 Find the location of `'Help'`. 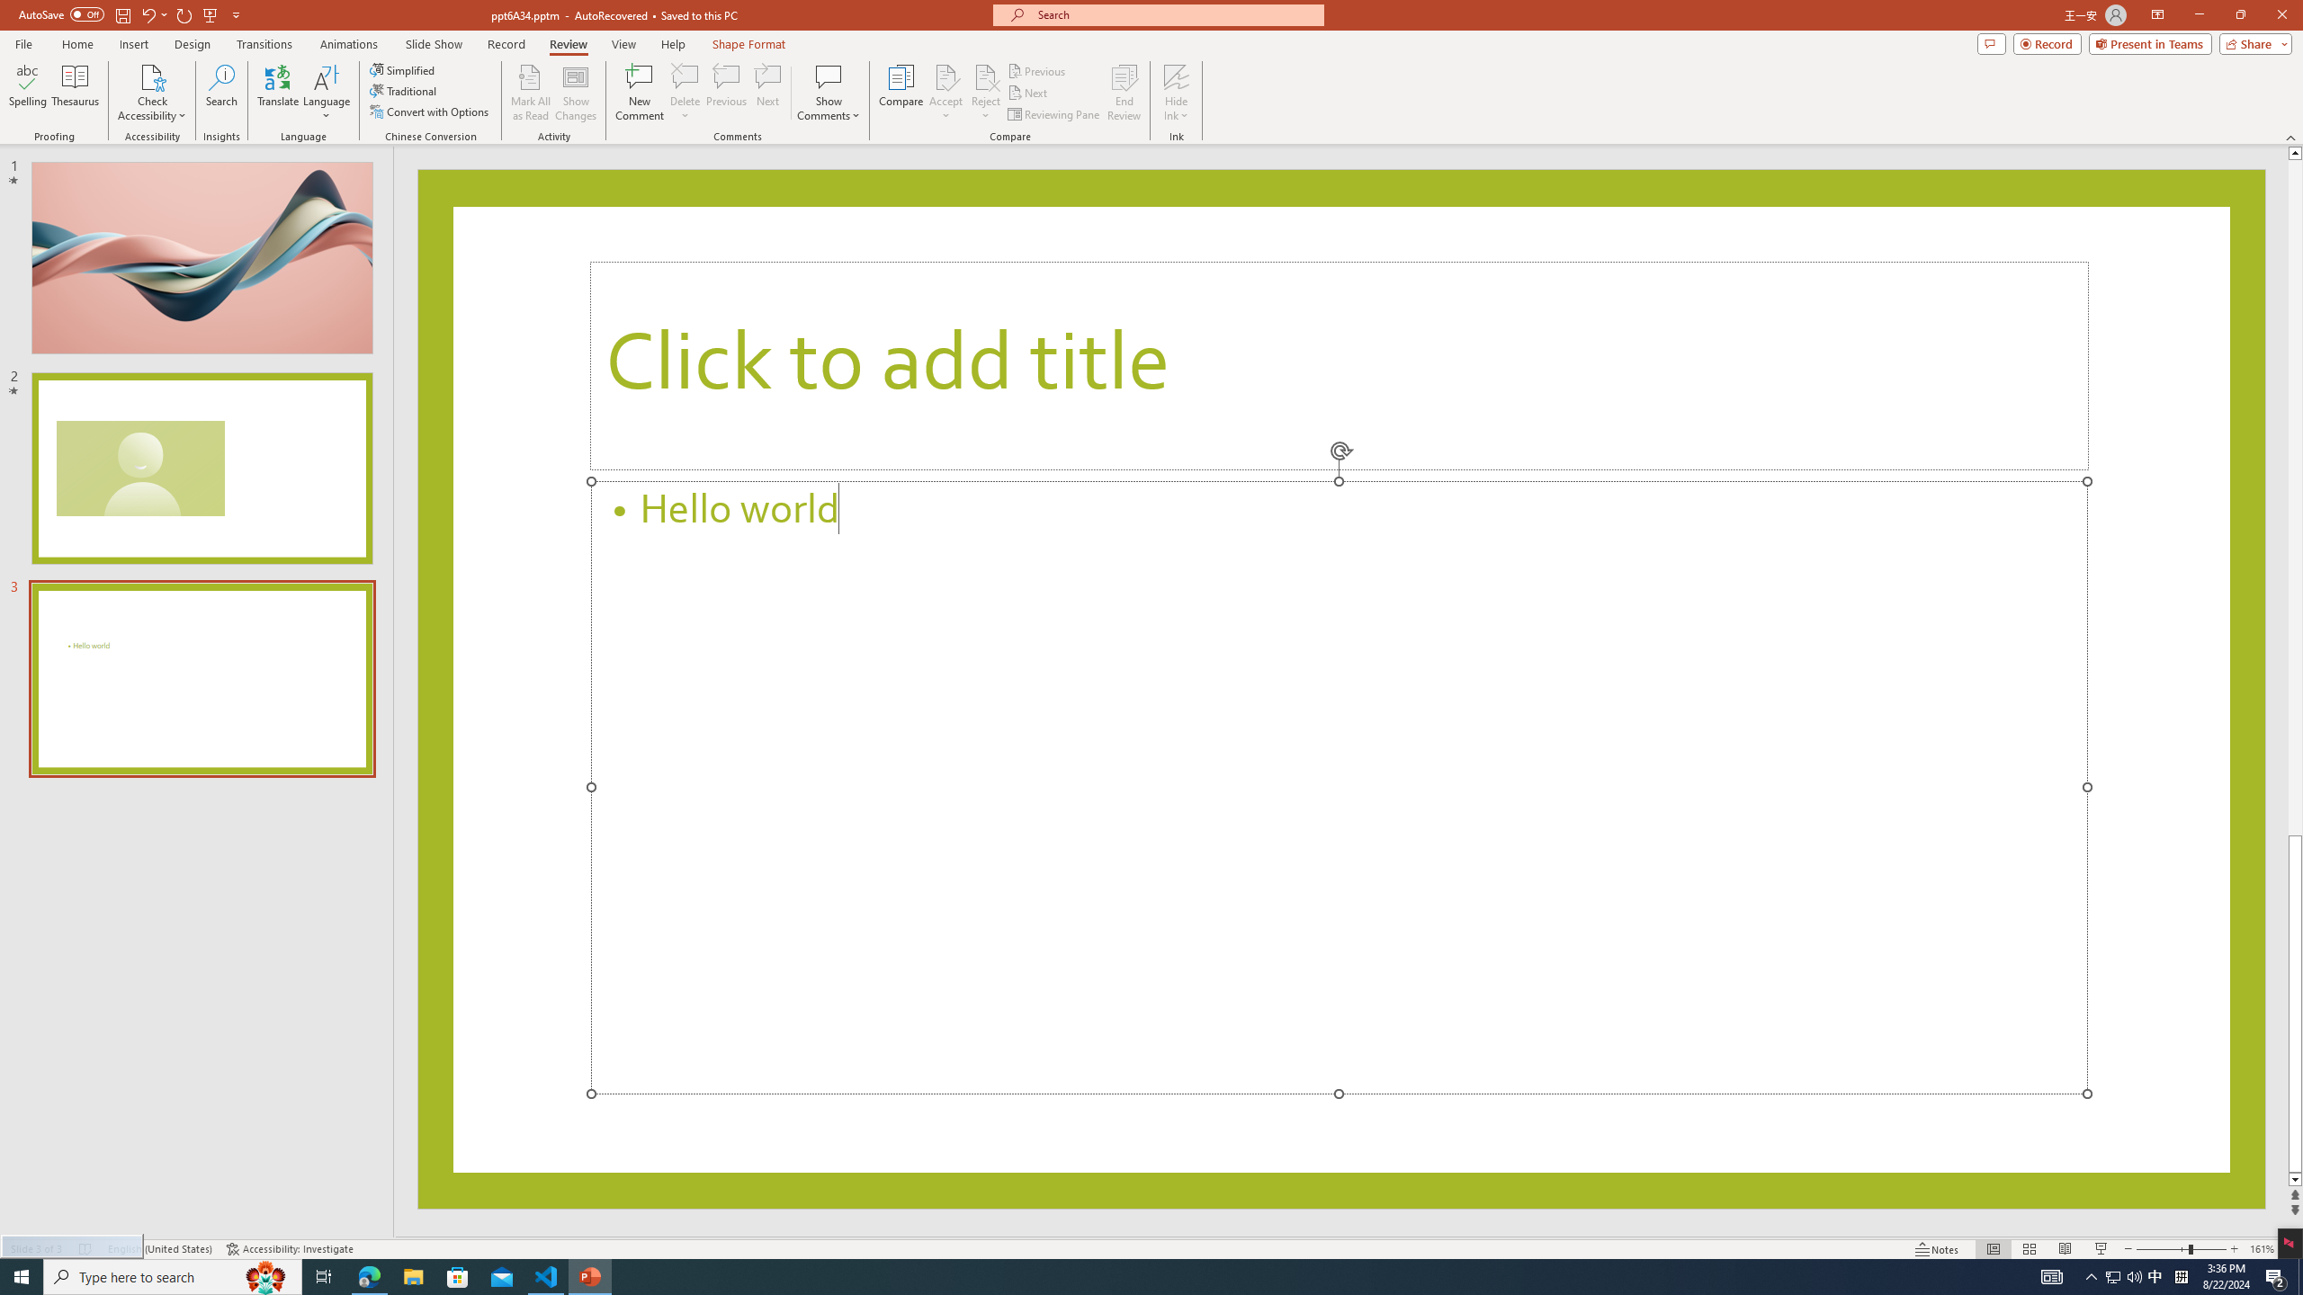

'Help' is located at coordinates (672, 44).